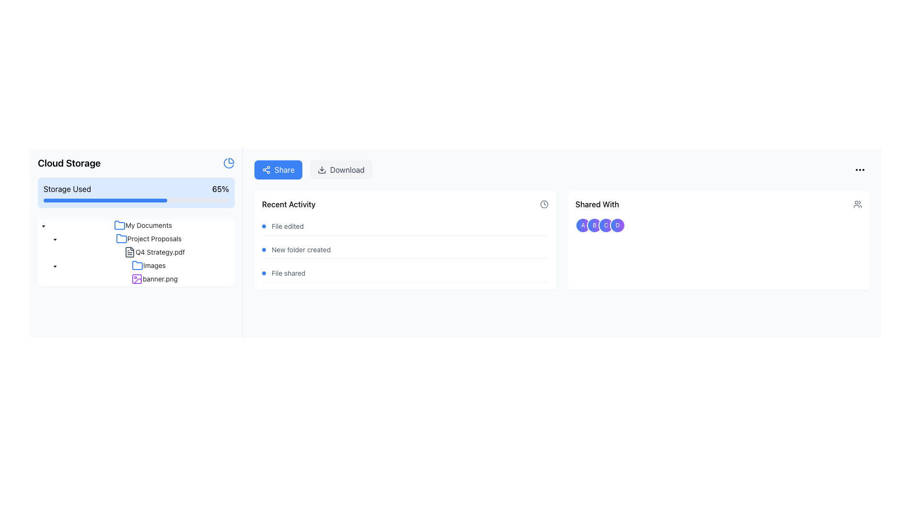 This screenshot has width=920, height=517. I want to click on the 'My Documents' folder item in the collapsible hierarchical navigation component, so click(136, 225).